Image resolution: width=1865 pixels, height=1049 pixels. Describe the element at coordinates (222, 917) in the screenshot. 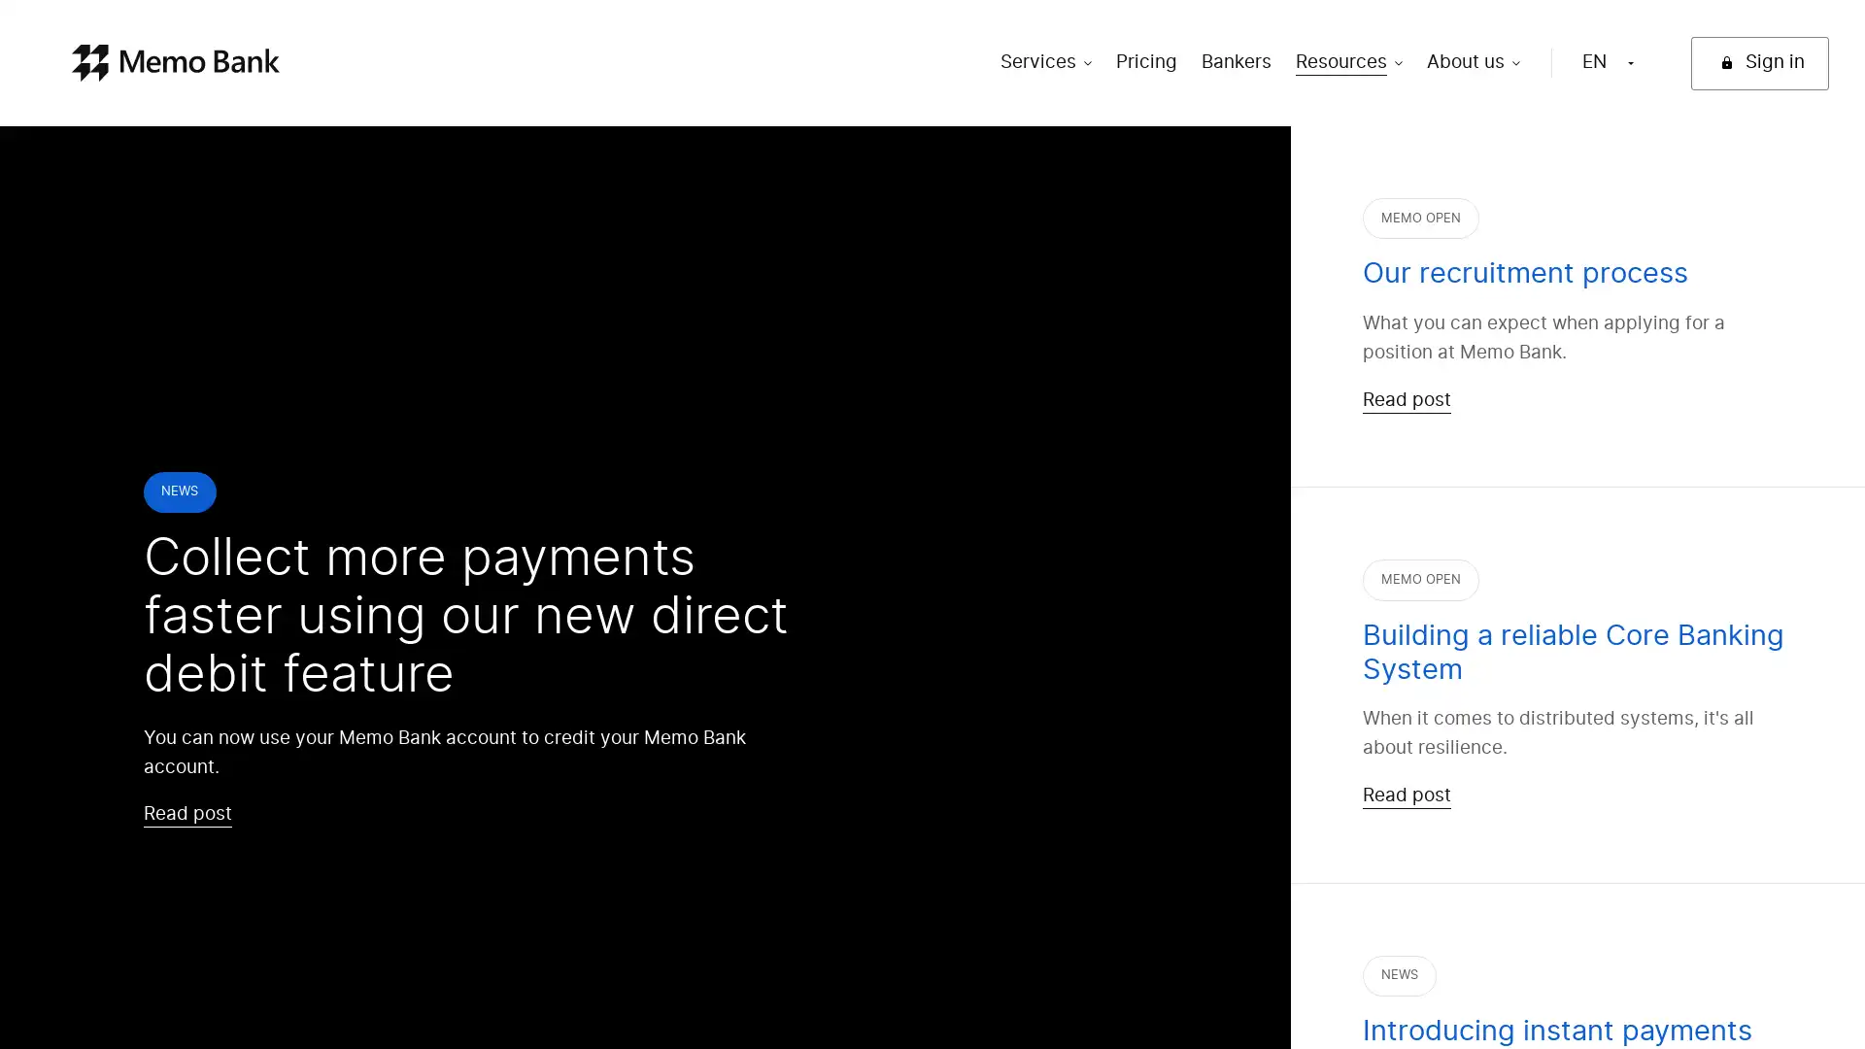

I see `Consents certified by` at that location.